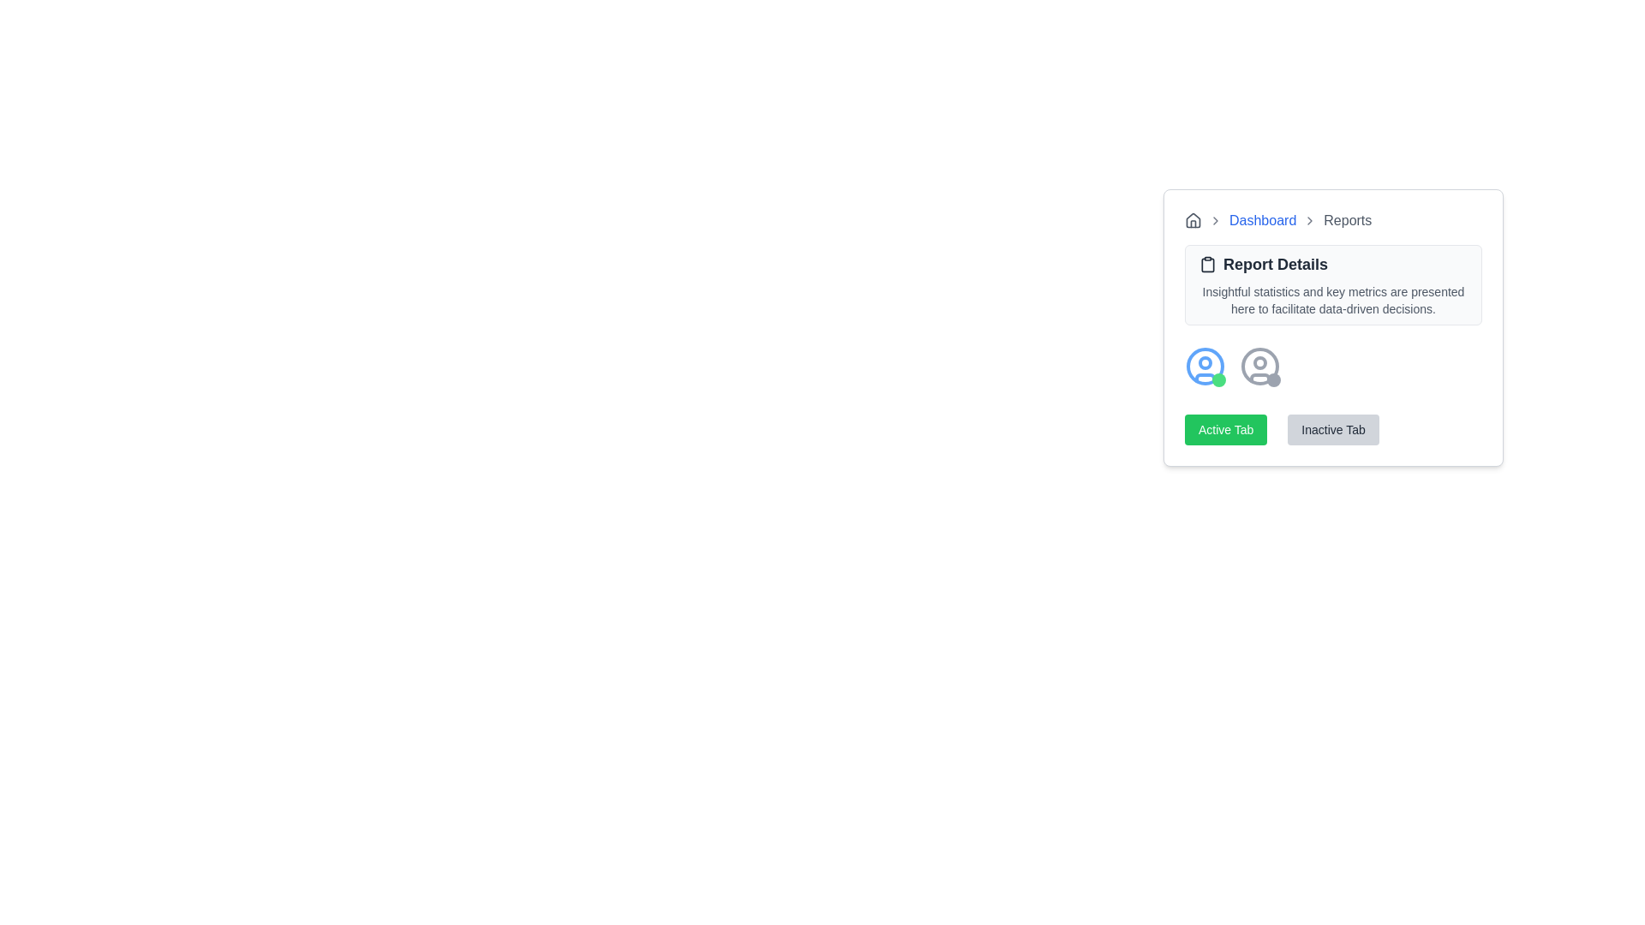 This screenshot has width=1645, height=925. Describe the element at coordinates (1204, 366) in the screenshot. I see `the circular user silhouette icon outlined in blue located in the top-left corner under the 'Report Details' section` at that location.